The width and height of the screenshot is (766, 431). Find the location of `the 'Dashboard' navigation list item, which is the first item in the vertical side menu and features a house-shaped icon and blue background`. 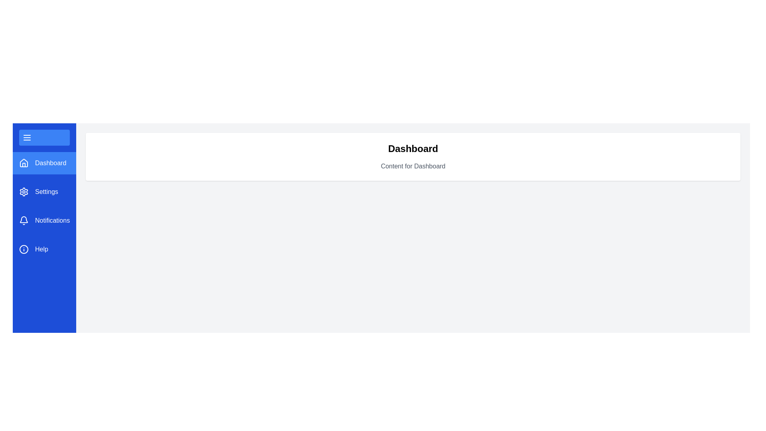

the 'Dashboard' navigation list item, which is the first item in the vertical side menu and features a house-shaped icon and blue background is located at coordinates (44, 162).